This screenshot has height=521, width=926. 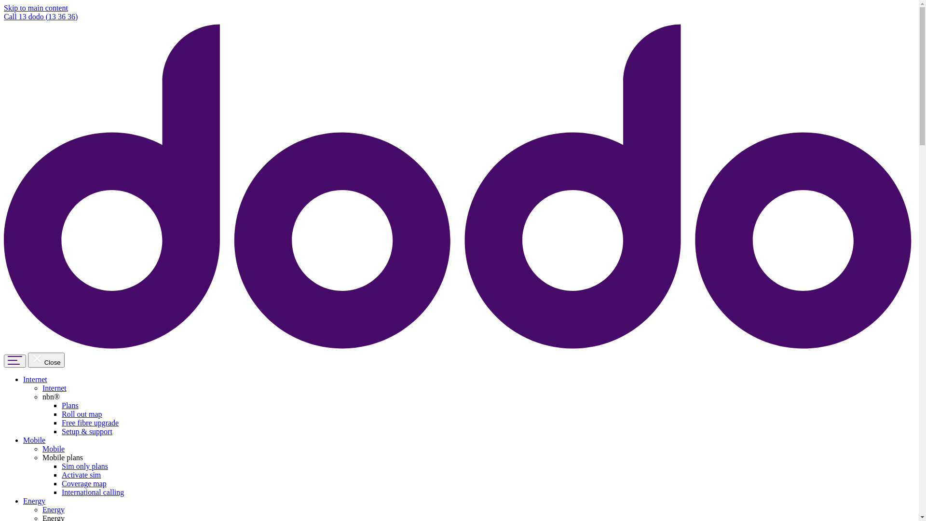 I want to click on 'International calling', so click(x=93, y=492).